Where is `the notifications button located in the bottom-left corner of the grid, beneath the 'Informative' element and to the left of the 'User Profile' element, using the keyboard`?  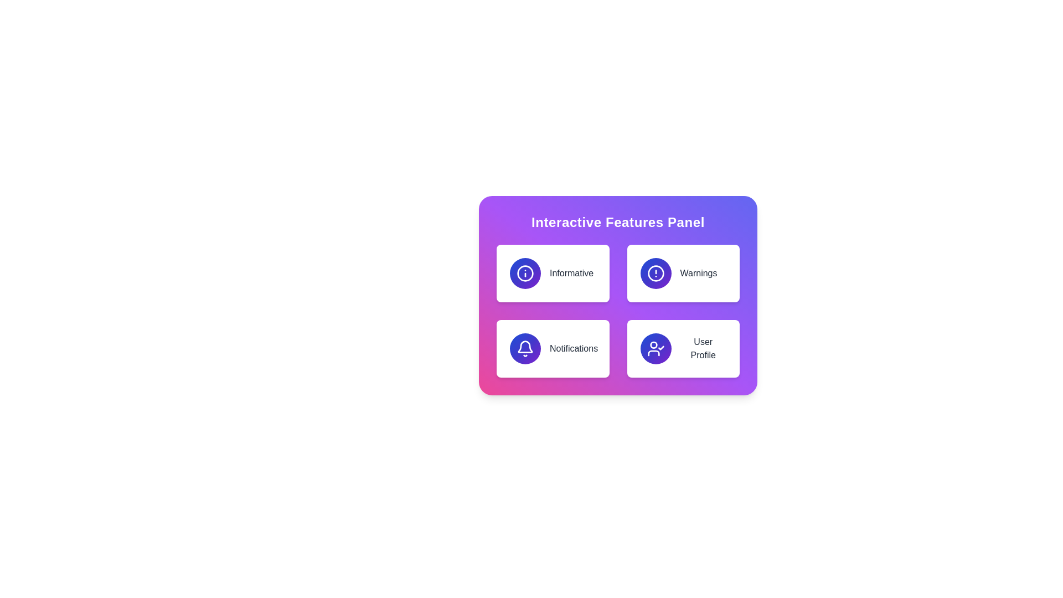 the notifications button located in the bottom-left corner of the grid, beneath the 'Informative' element and to the left of the 'User Profile' element, using the keyboard is located at coordinates (553, 348).